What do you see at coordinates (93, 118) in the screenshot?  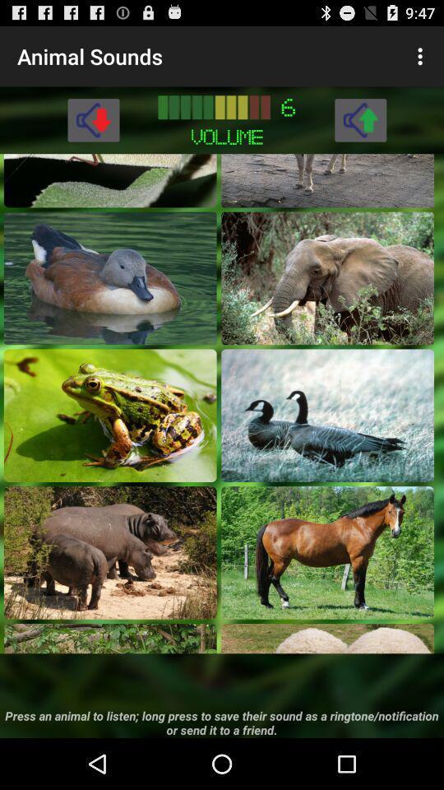 I see `lower volume` at bounding box center [93, 118].